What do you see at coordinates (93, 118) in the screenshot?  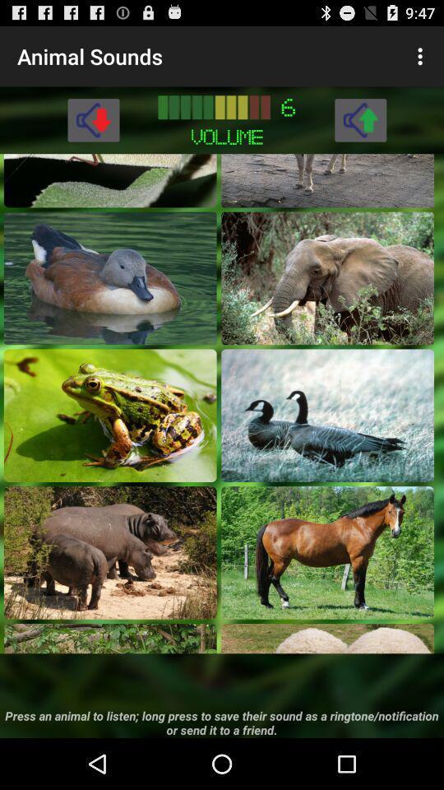 I see `lower volume` at bounding box center [93, 118].